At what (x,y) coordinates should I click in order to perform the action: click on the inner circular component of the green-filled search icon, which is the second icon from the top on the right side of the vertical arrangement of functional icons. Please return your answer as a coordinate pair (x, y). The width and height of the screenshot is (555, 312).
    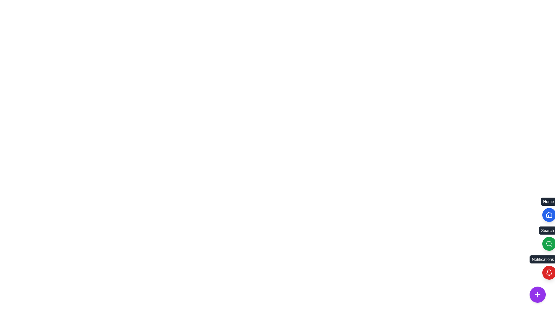
    Looking at the image, I should click on (549, 244).